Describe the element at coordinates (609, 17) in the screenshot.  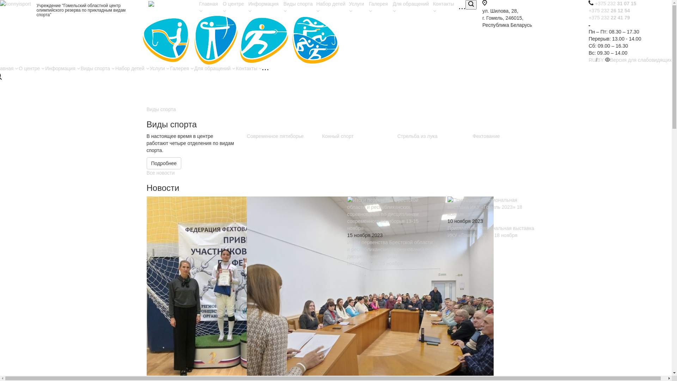
I see `'+375 232 22 41 79'` at that location.